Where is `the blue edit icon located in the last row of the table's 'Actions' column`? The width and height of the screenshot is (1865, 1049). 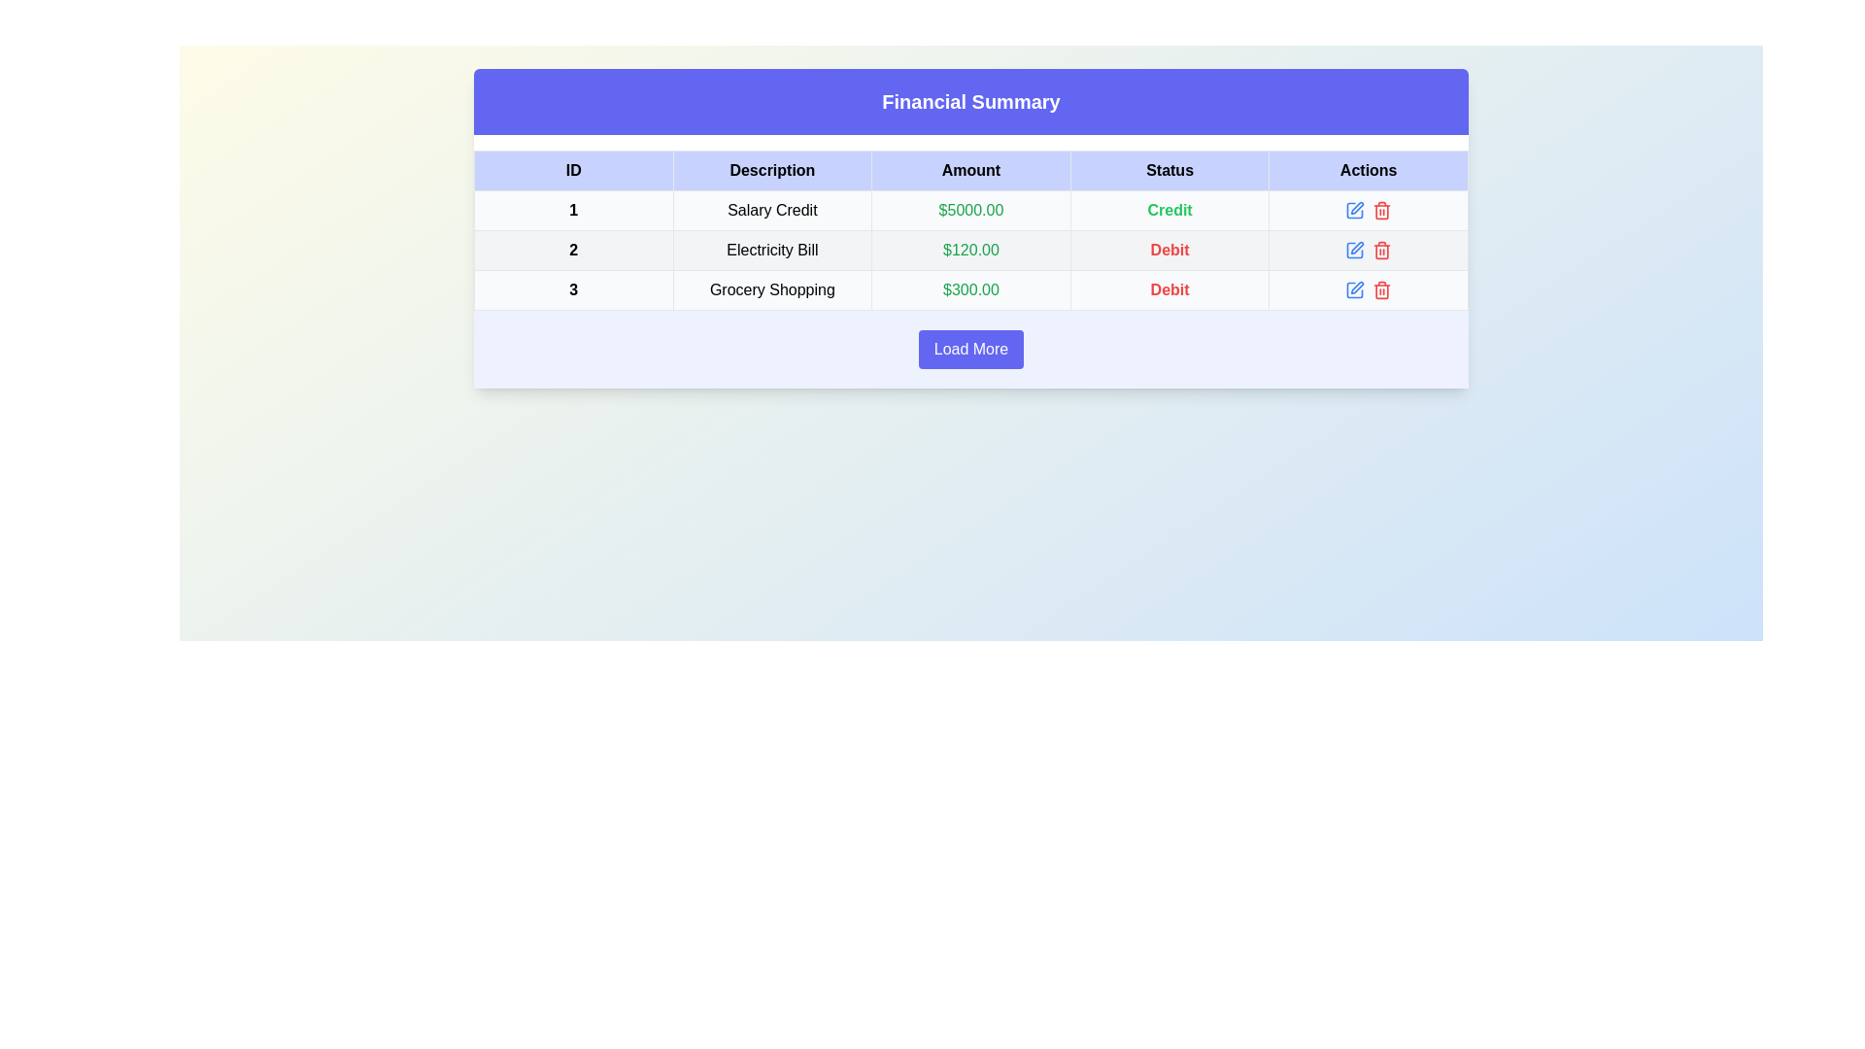 the blue edit icon located in the last row of the table's 'Actions' column is located at coordinates (1356, 288).